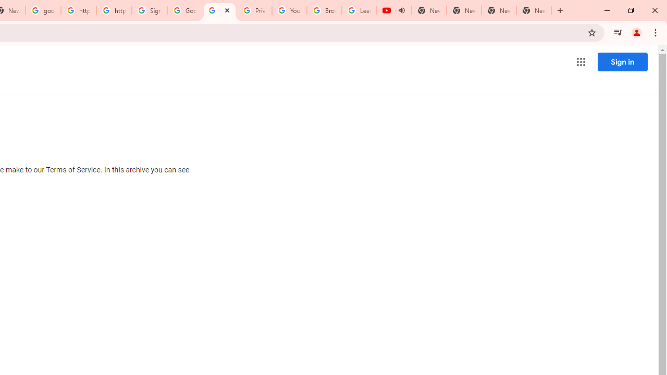  What do you see at coordinates (630, 10) in the screenshot?
I see `'Restore'` at bounding box center [630, 10].